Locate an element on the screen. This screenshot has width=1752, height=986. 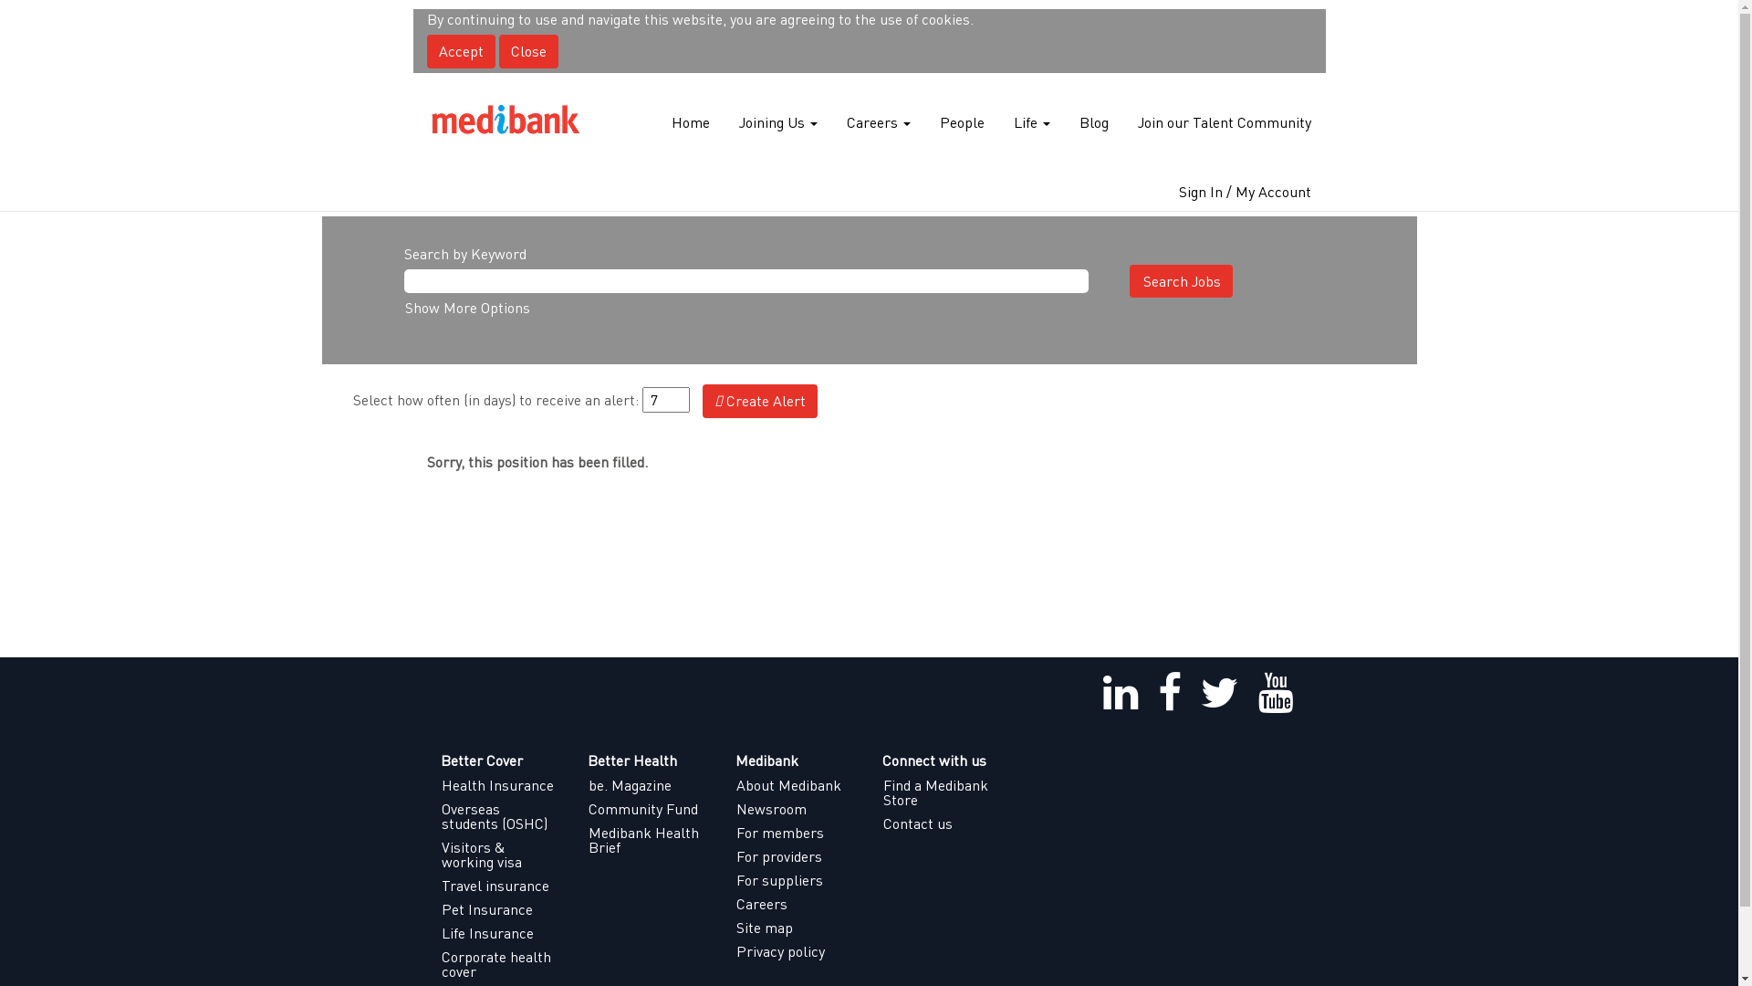
'Show More Options' is located at coordinates (466, 306).